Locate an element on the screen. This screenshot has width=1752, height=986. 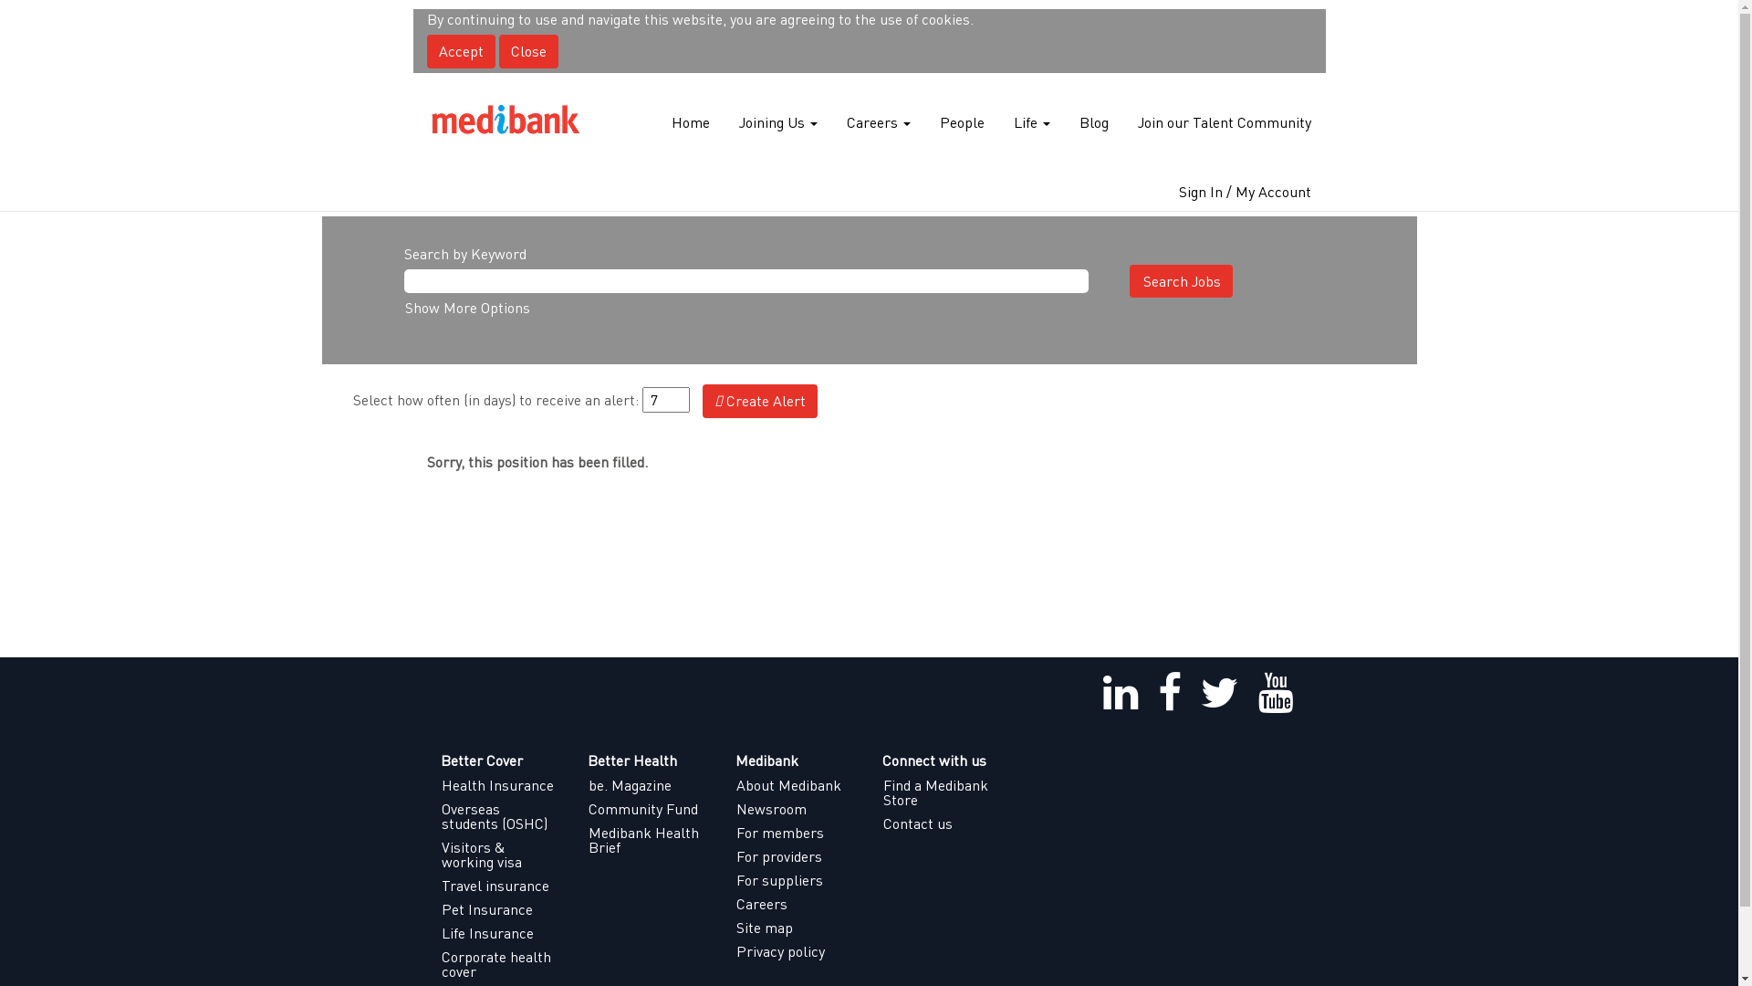
'Show More Options' is located at coordinates (466, 306).